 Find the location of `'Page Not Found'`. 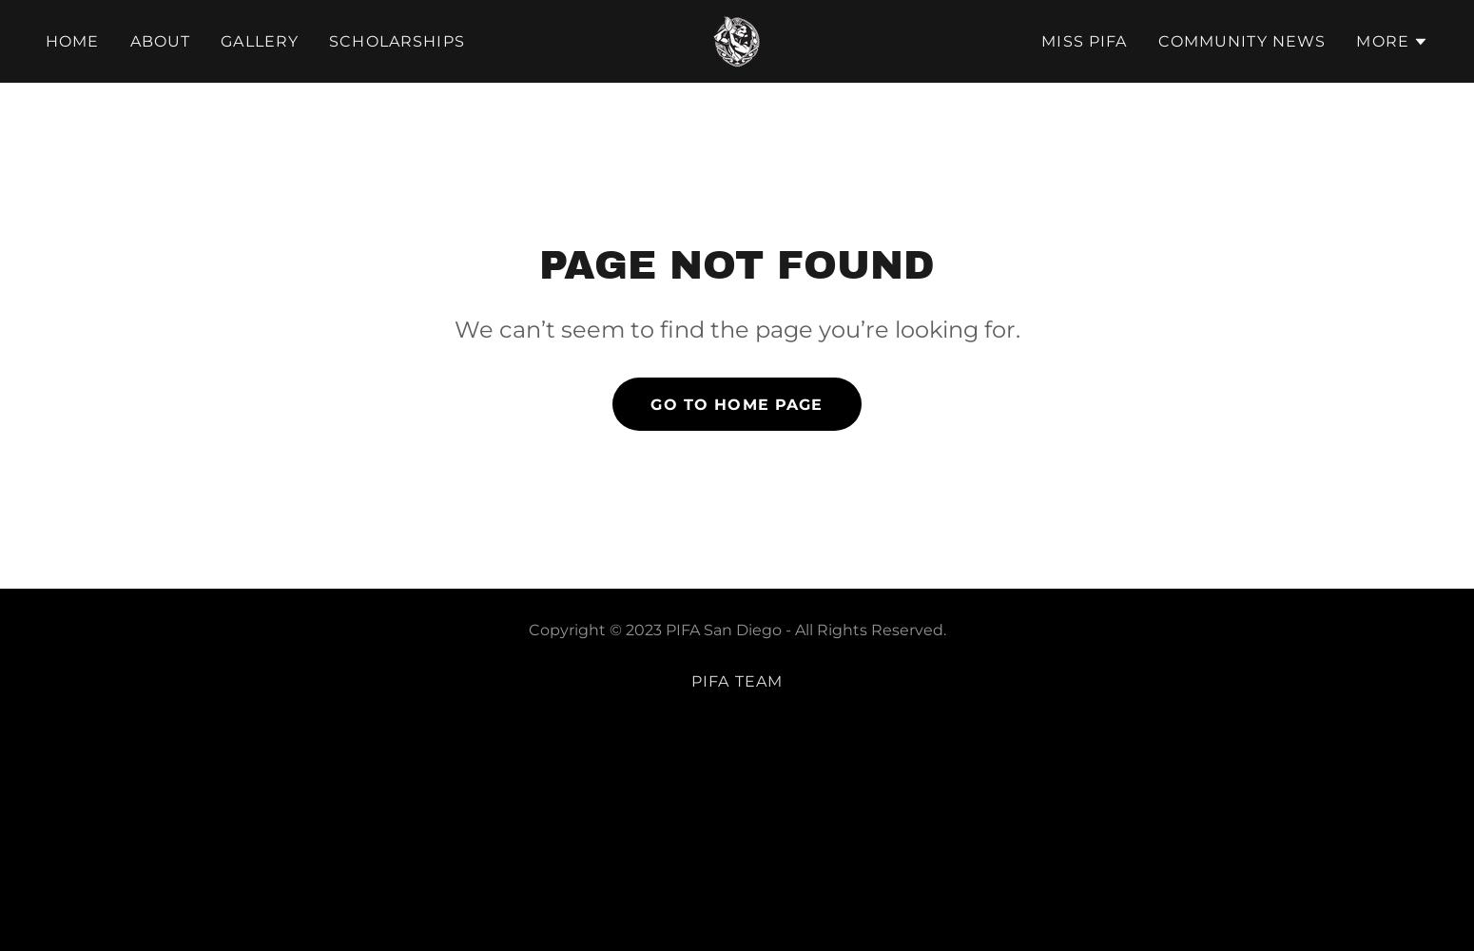

'Page Not Found' is located at coordinates (737, 264).